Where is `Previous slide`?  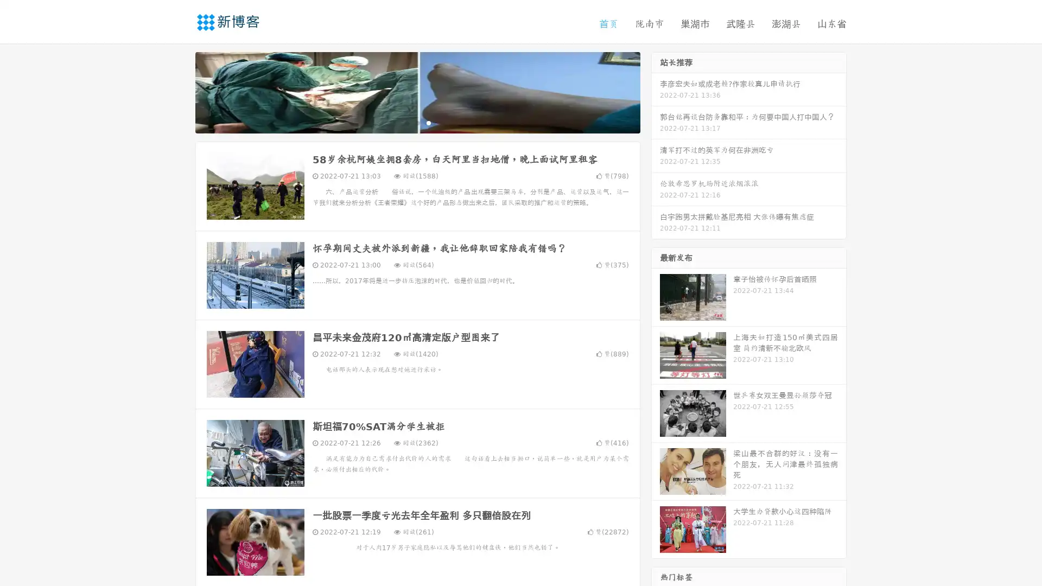 Previous slide is located at coordinates (179, 91).